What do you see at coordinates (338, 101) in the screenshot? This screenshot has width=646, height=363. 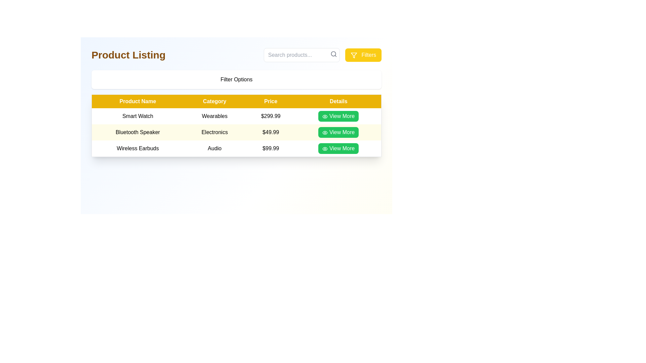 I see `the 'Details' text label located at the far-right end of the yellow header row, which contains the text in white font and has a bold yellow background` at bounding box center [338, 101].